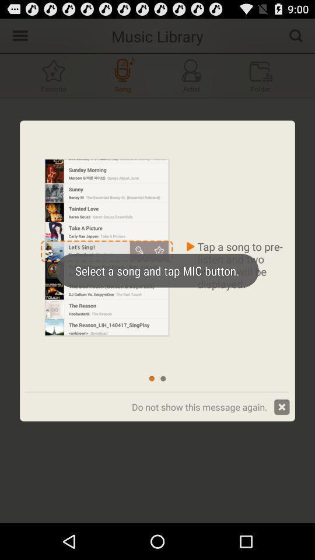 The height and width of the screenshot is (560, 315). Describe the element at coordinates (53, 75) in the screenshot. I see `the icon which is to the left of song button` at that location.